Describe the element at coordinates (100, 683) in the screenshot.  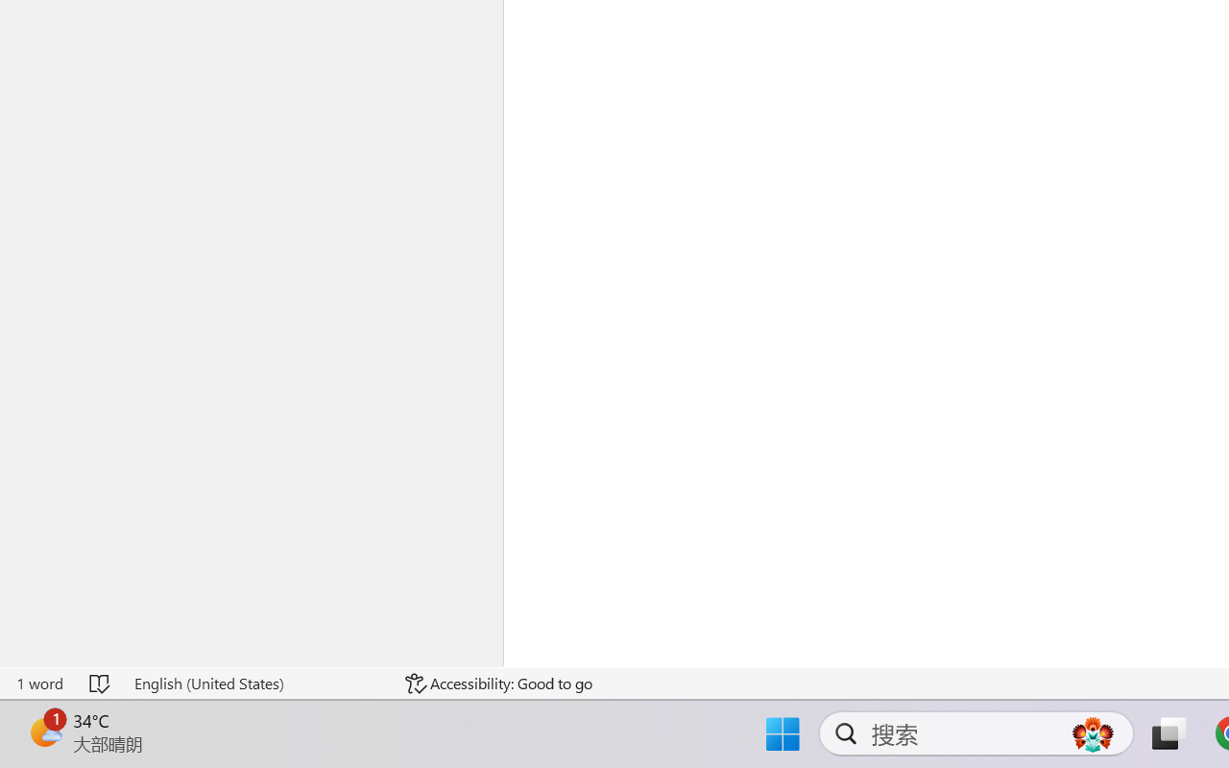
I see `'Spelling and Grammar Check No Errors'` at that location.